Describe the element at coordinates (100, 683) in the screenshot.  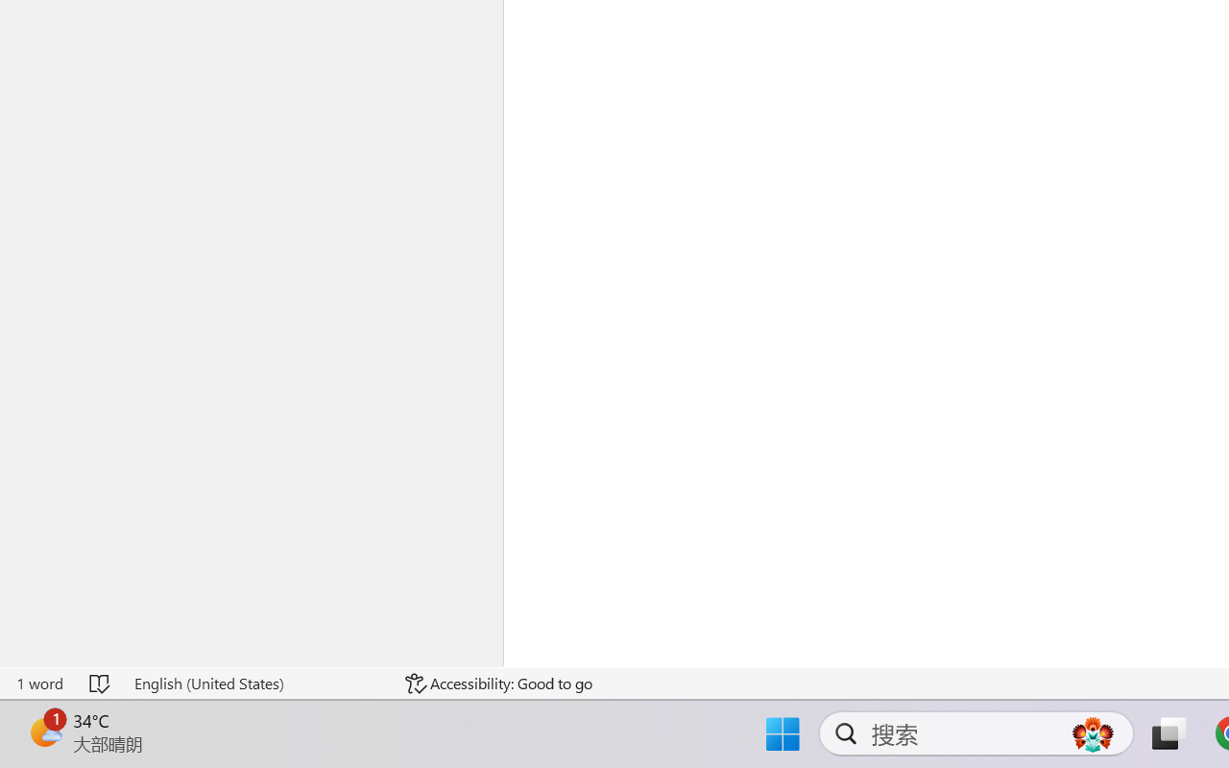
I see `'Spelling and Grammar Check No Errors'` at that location.